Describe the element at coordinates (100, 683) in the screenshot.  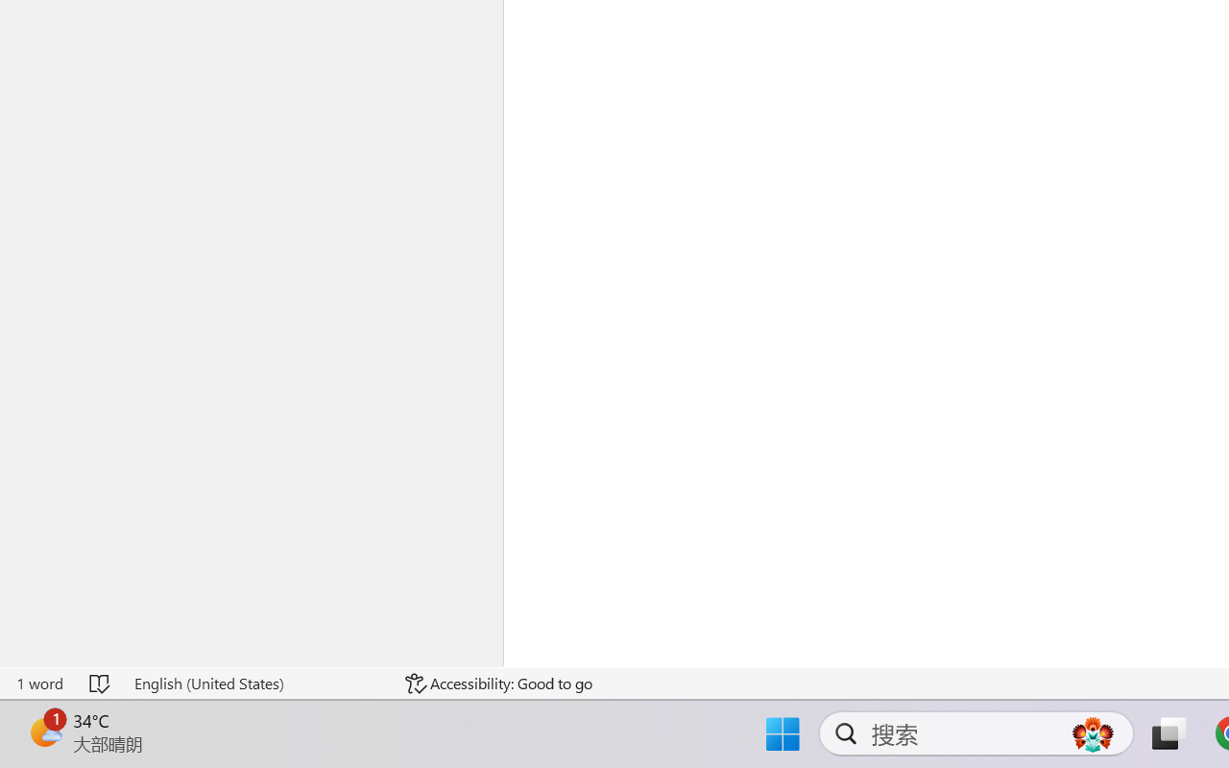
I see `'Spelling and Grammar Check No Errors'` at that location.